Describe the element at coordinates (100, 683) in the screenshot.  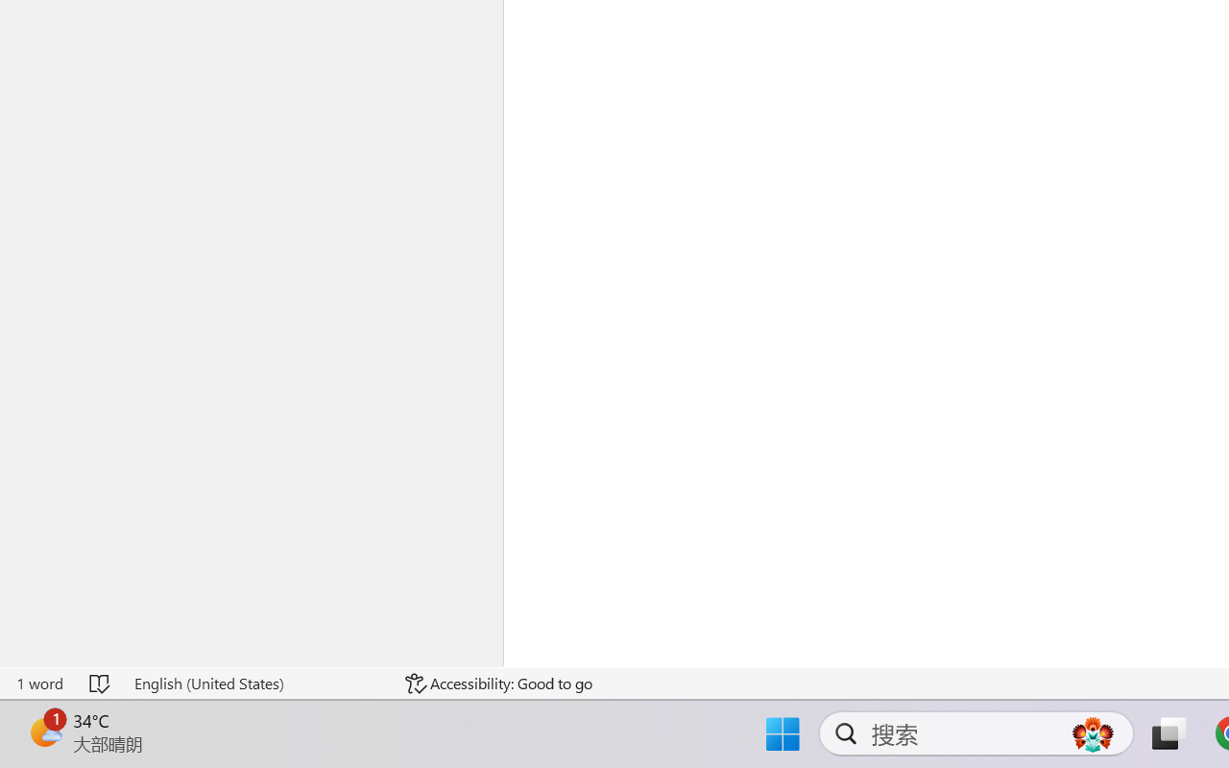
I see `'Spelling and Grammar Check No Errors'` at that location.